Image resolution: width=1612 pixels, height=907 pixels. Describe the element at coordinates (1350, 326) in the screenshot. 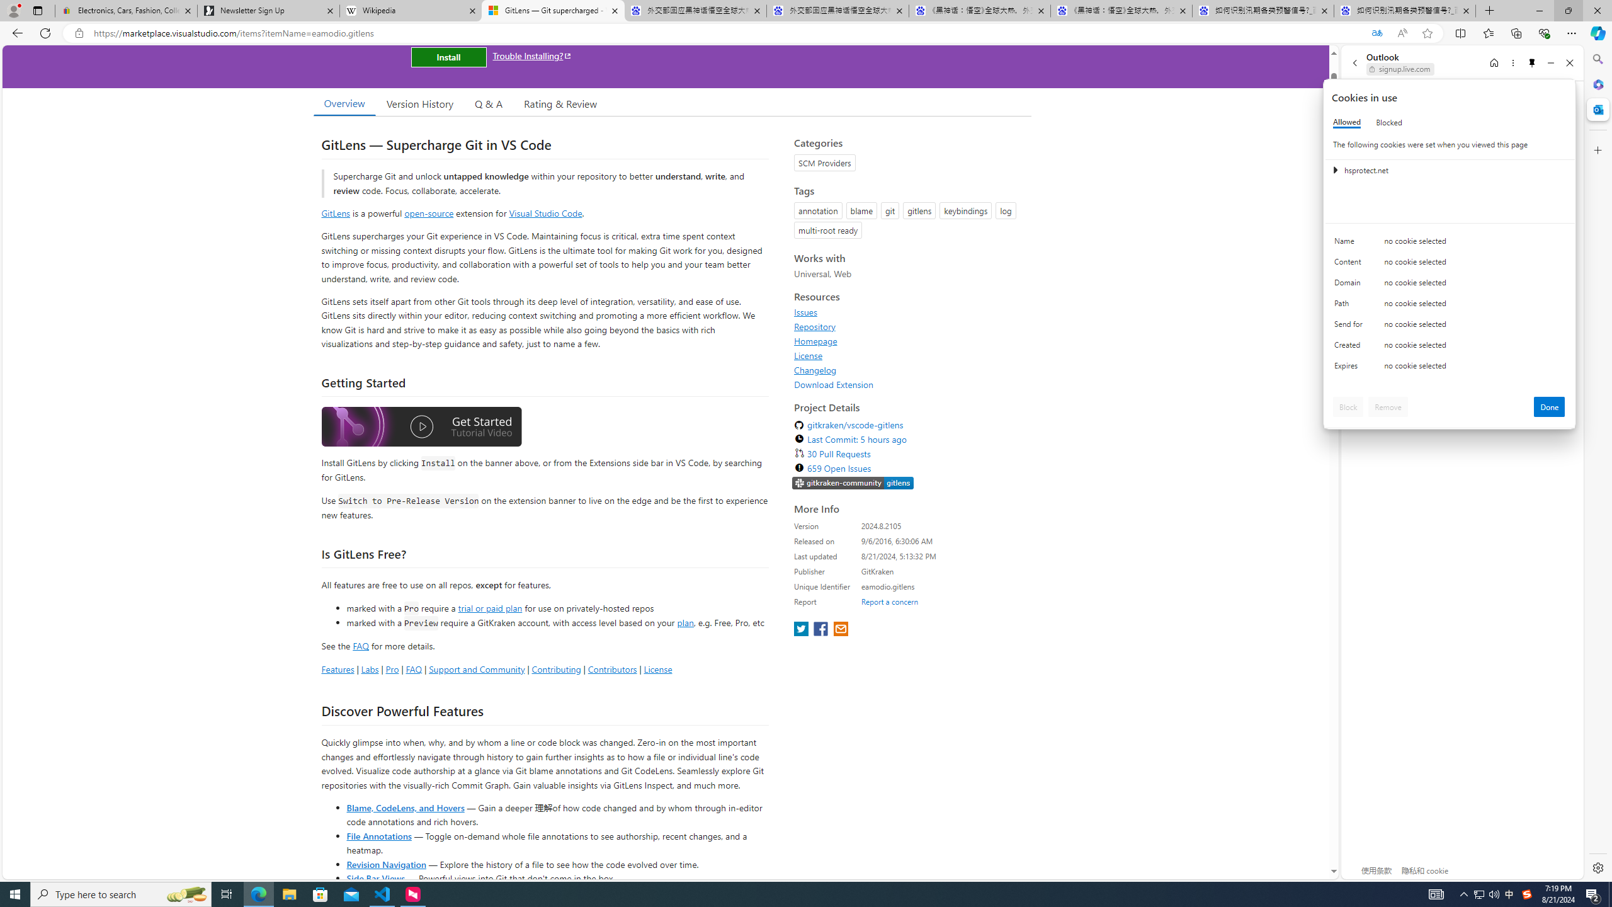

I see `'Send for'` at that location.